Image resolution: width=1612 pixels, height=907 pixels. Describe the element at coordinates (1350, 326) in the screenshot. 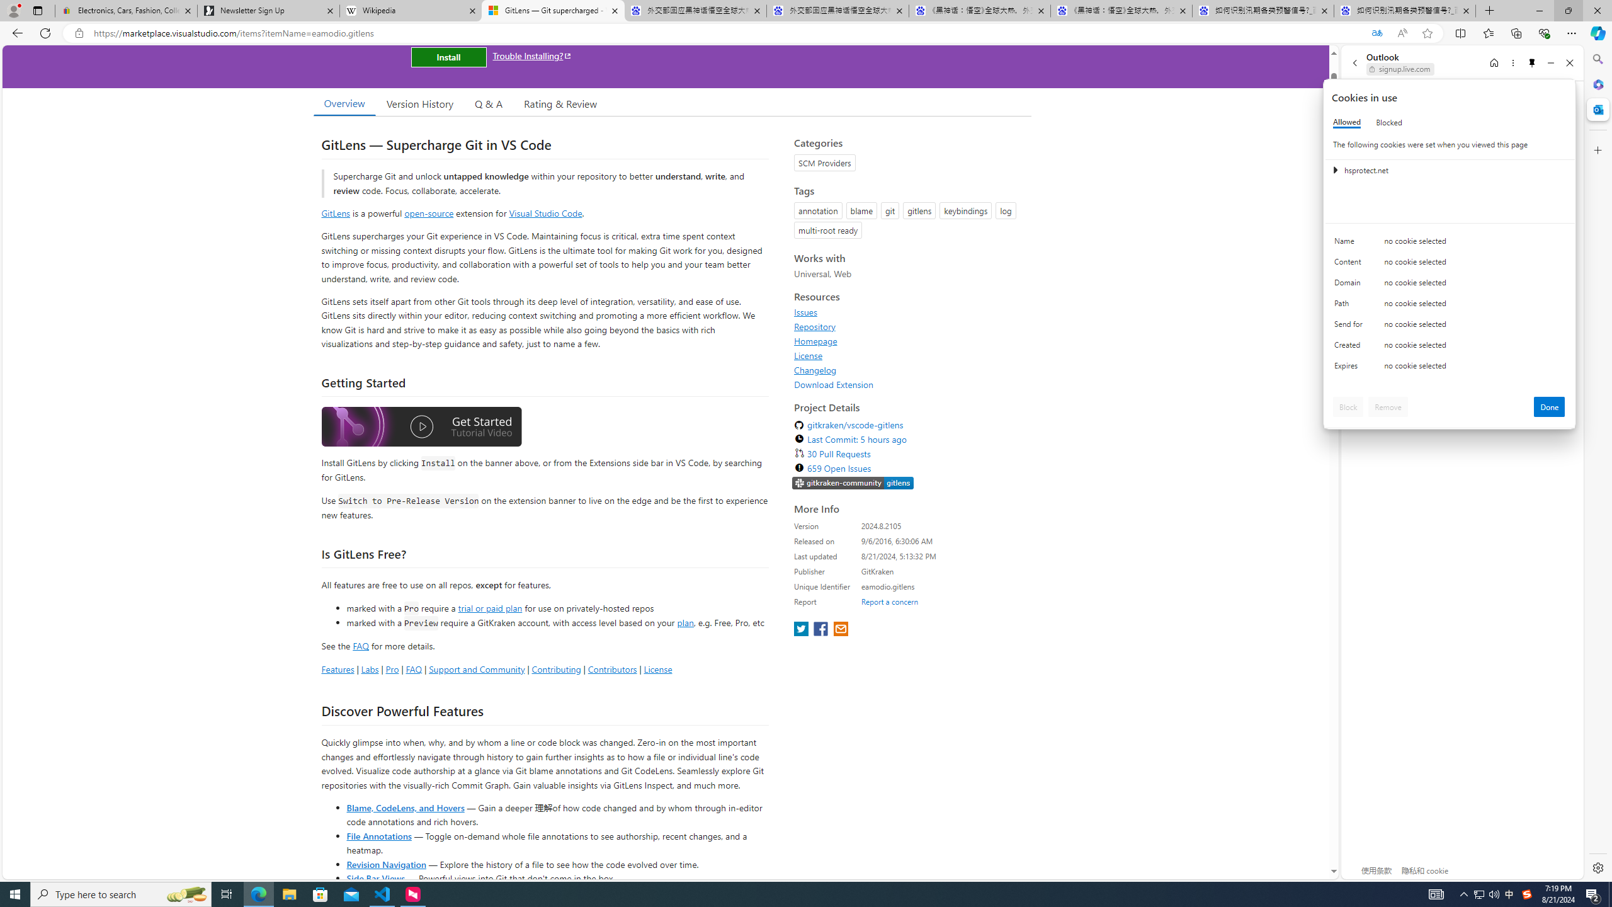

I see `'Send for'` at that location.